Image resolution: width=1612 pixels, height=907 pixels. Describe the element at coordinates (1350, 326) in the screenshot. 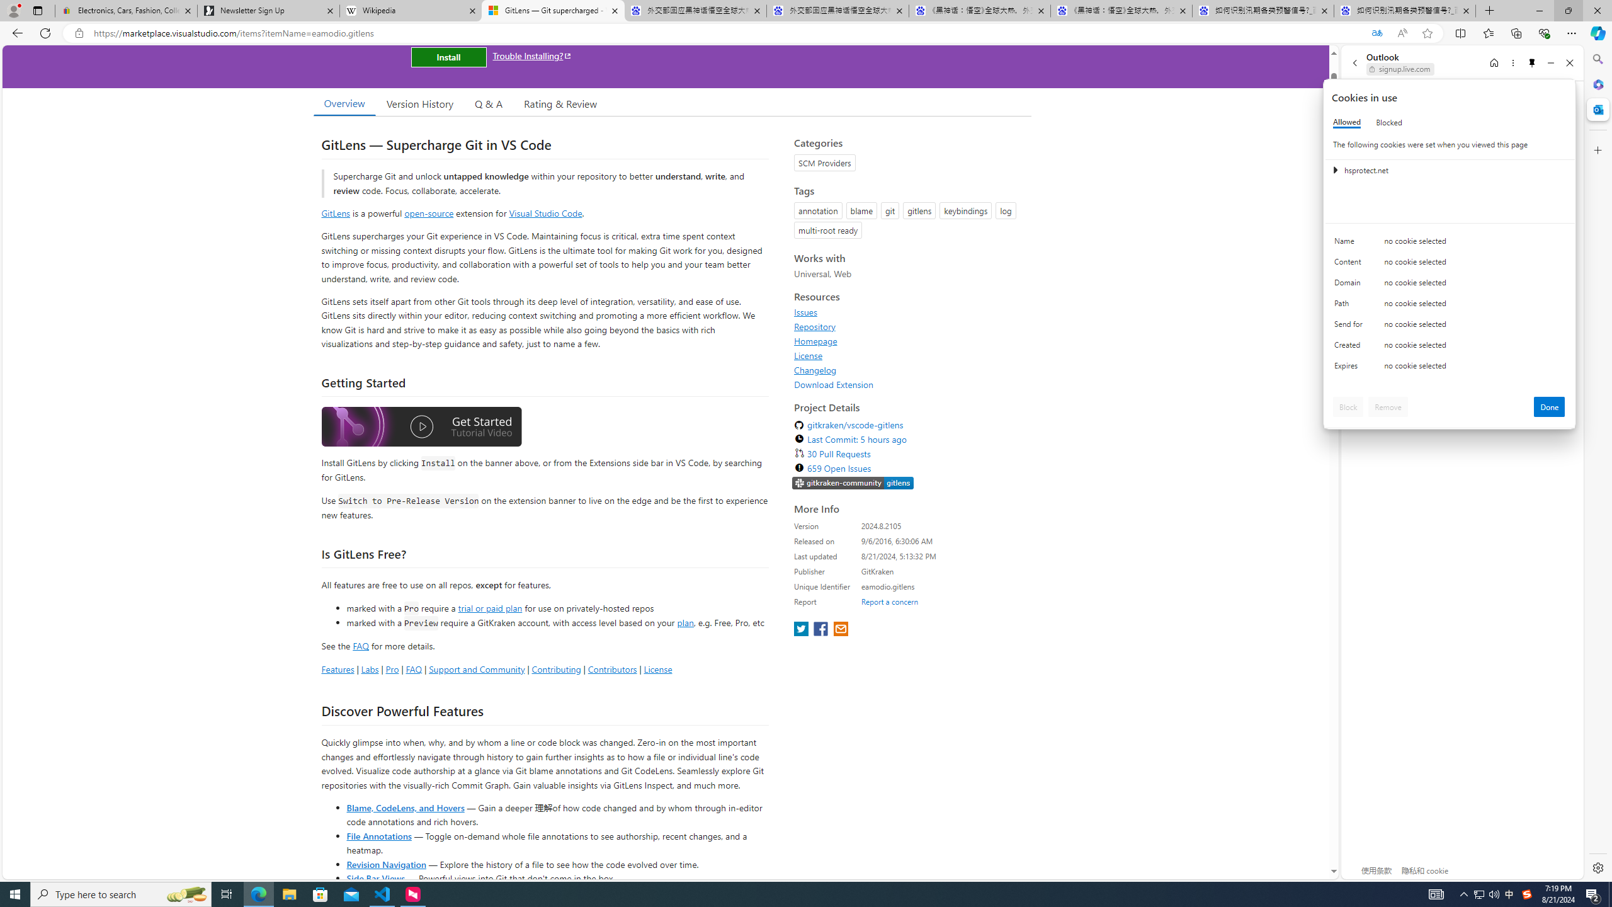

I see `'Send for'` at that location.